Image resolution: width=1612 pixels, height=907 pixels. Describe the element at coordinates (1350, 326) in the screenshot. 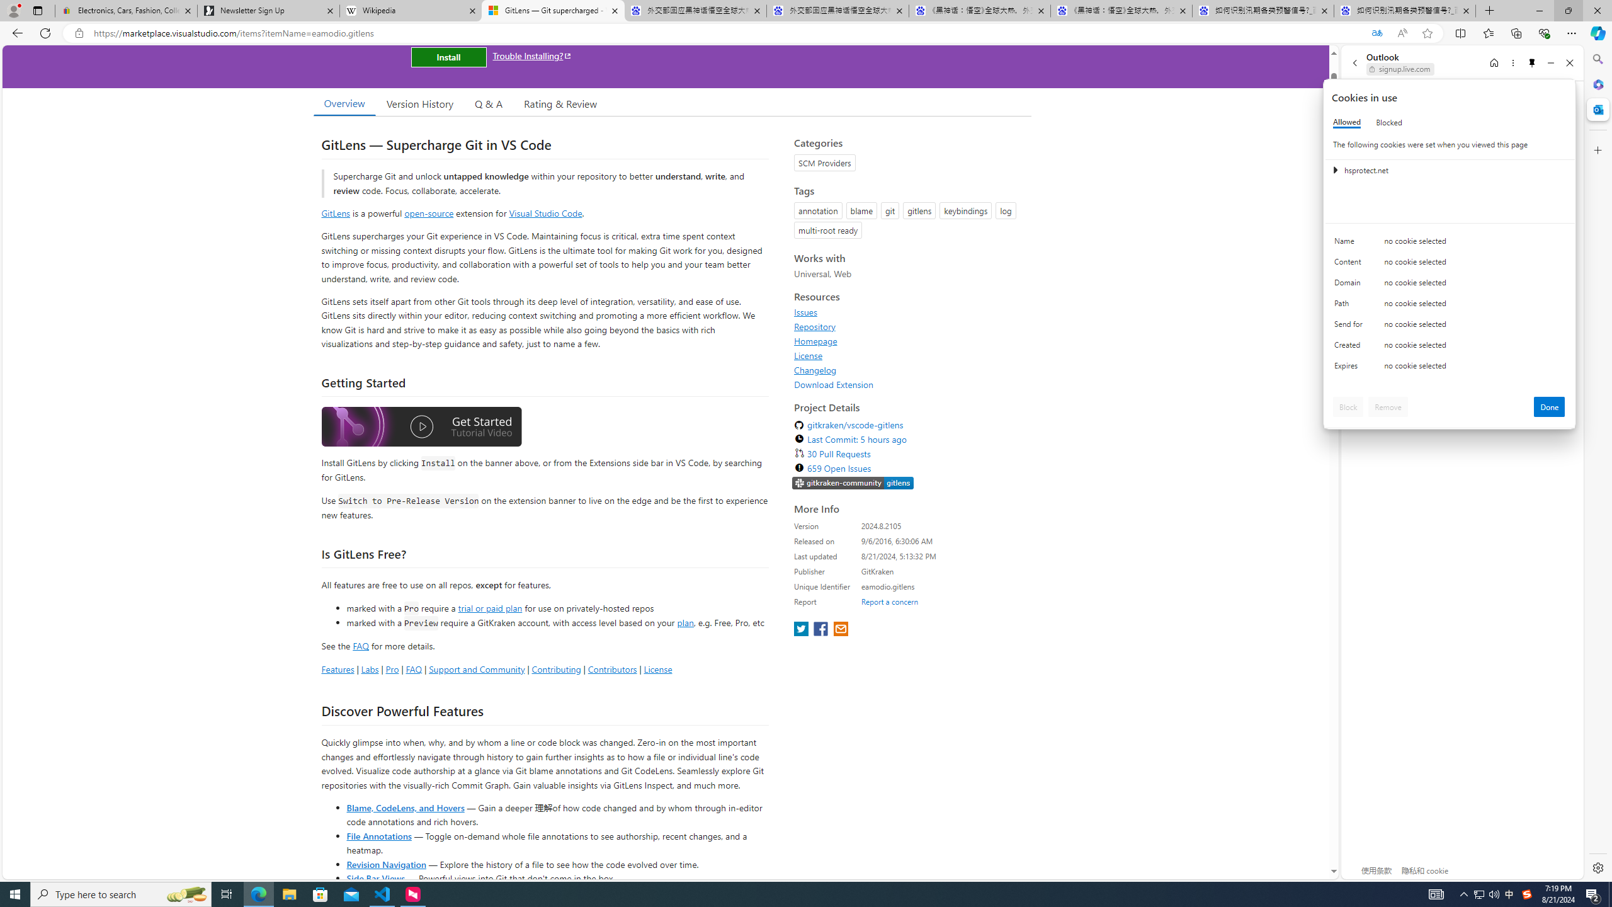

I see `'Send for'` at that location.